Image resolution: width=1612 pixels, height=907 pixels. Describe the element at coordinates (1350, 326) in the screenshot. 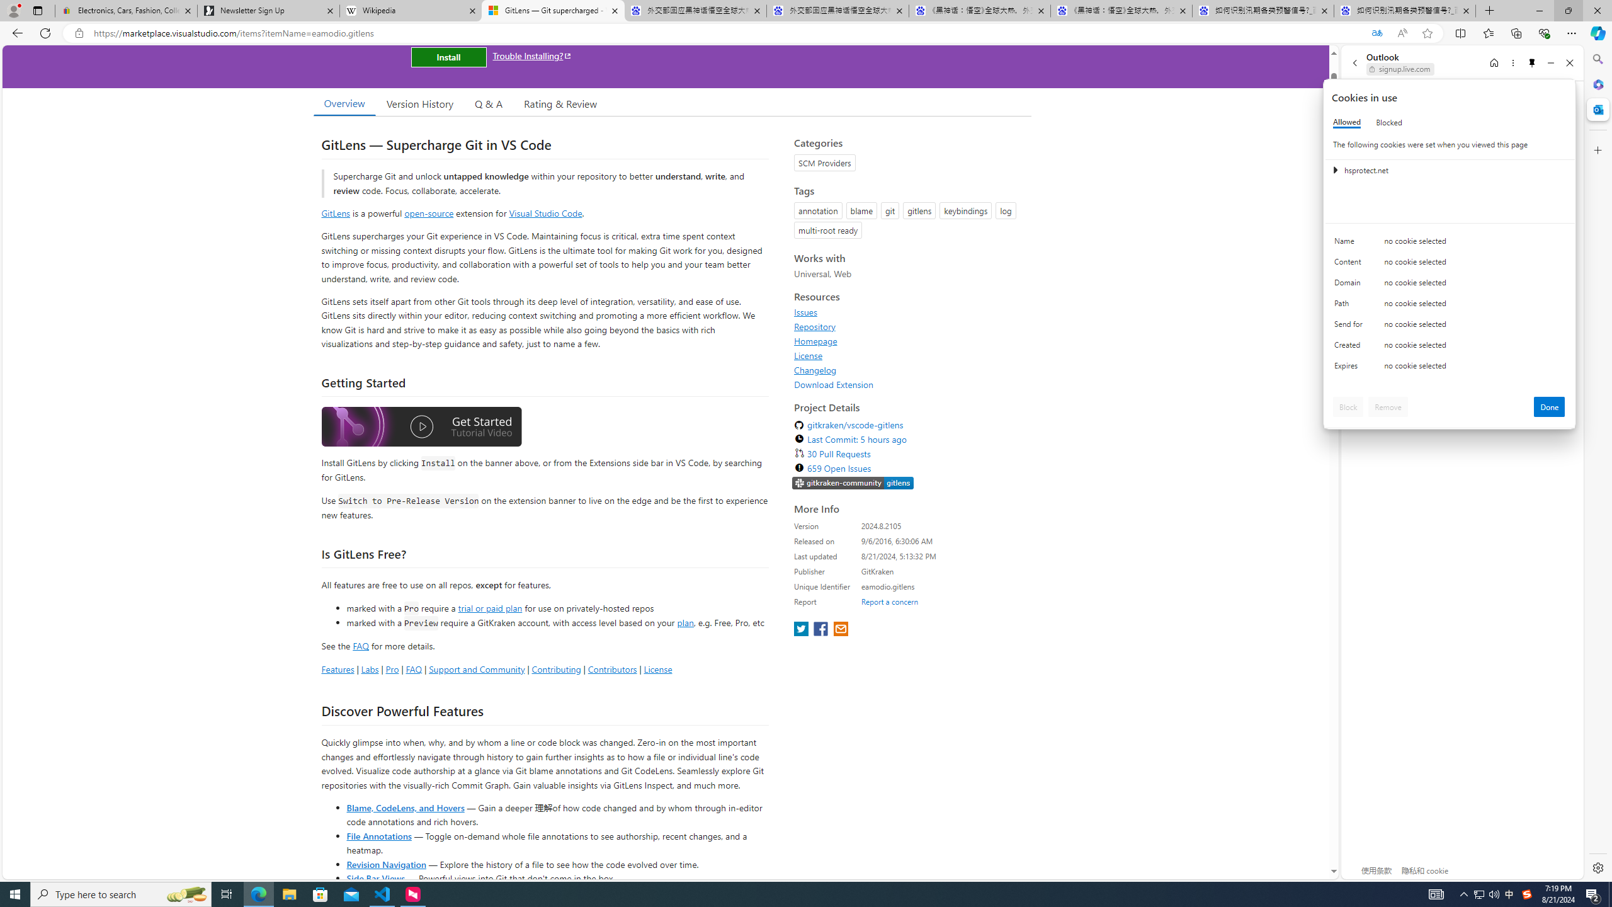

I see `'Send for'` at that location.